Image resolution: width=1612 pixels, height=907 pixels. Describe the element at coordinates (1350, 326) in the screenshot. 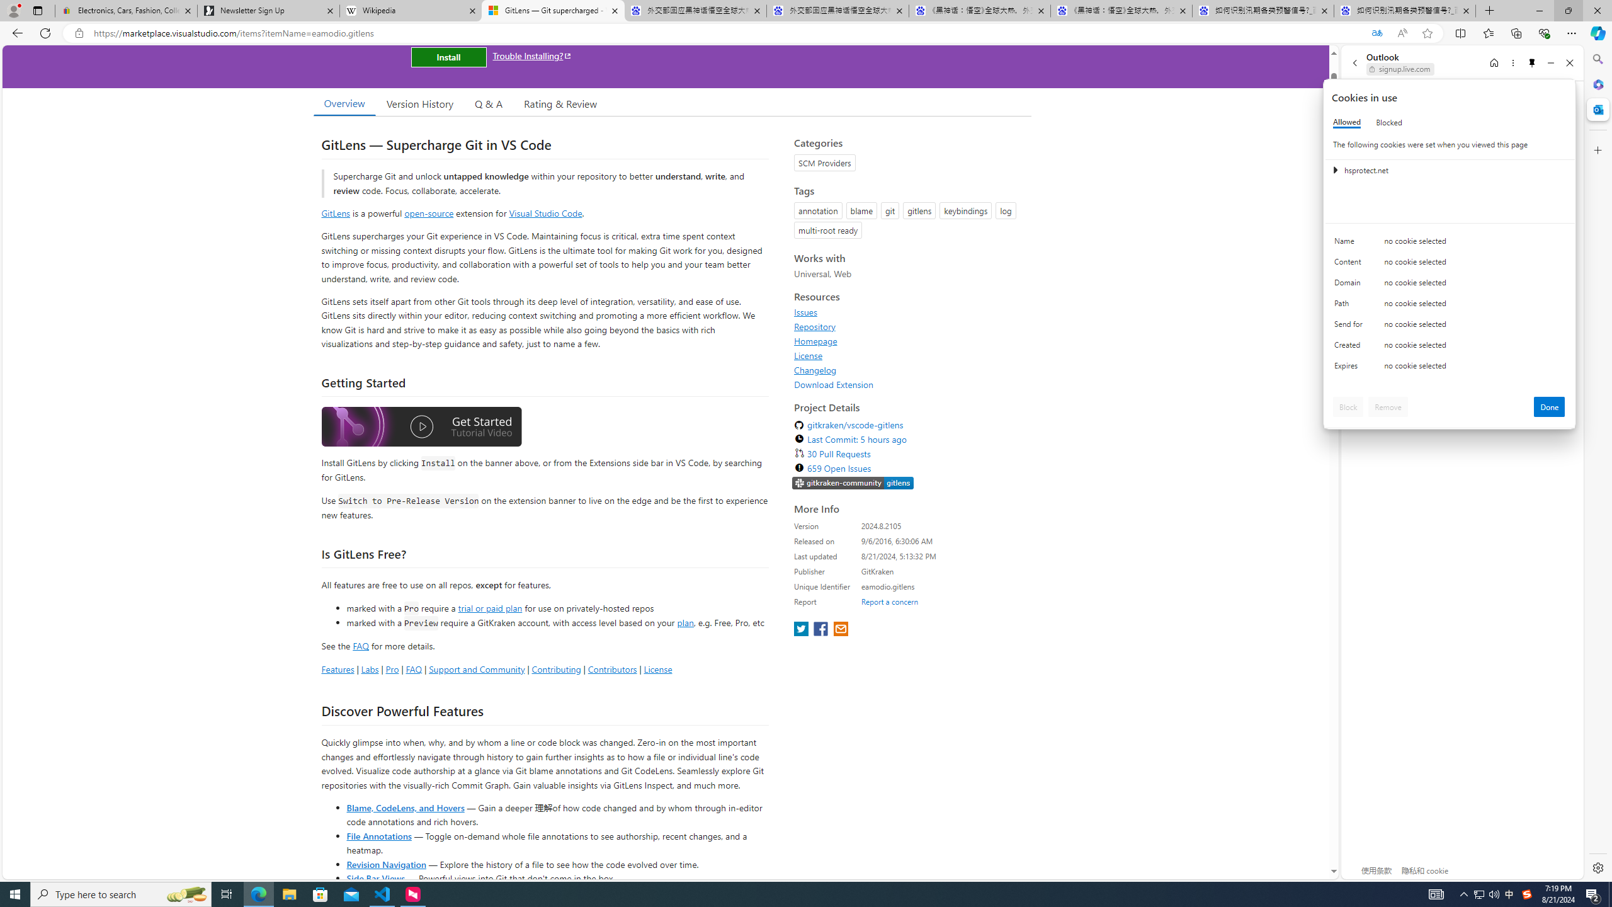

I see `'Send for'` at that location.